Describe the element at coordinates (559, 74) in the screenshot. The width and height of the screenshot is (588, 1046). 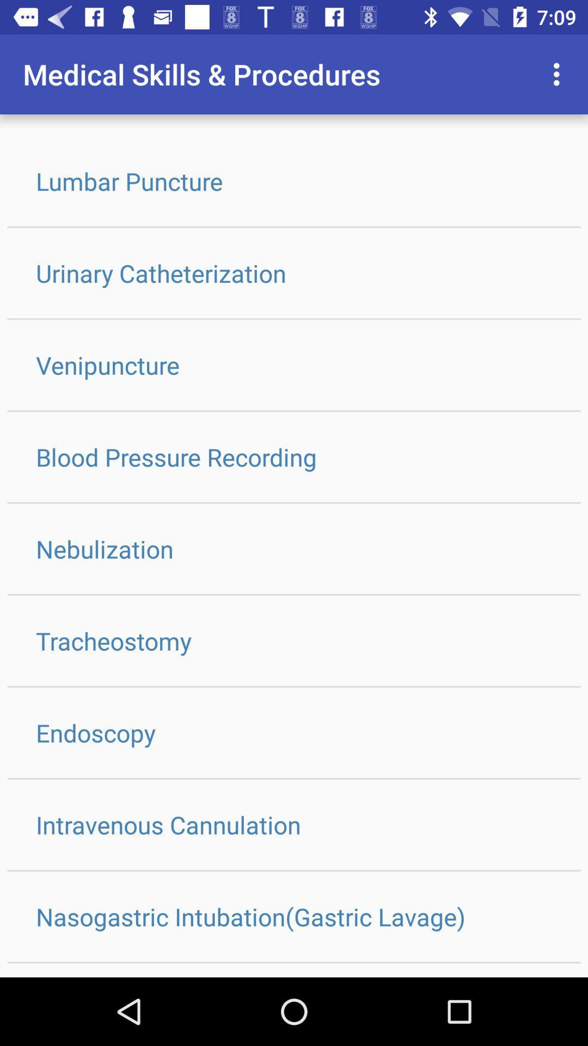
I see `the item at the top right corner` at that location.